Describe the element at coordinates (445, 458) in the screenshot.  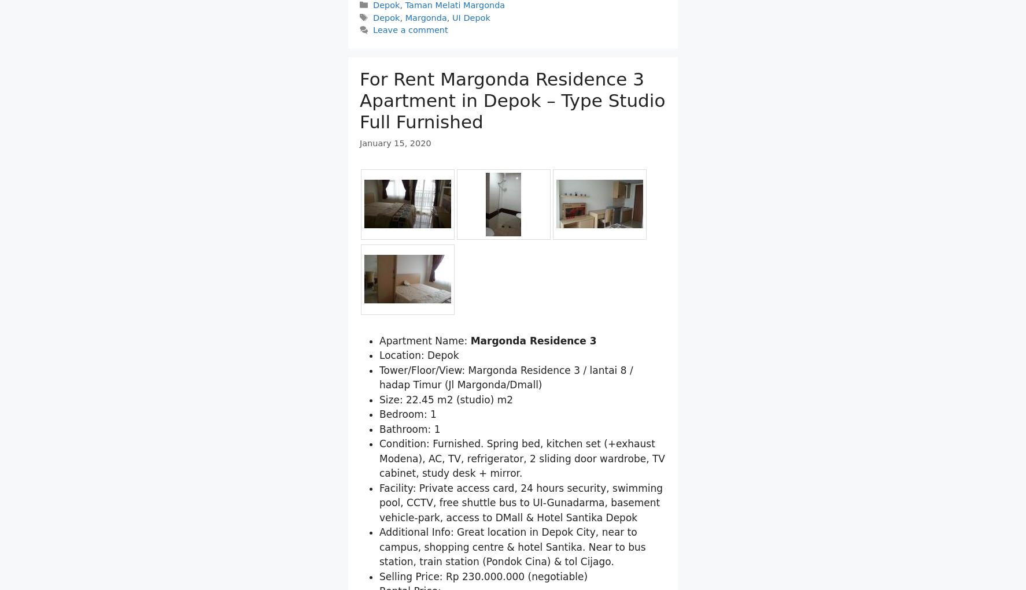
I see `'Size: 22.45 m2 (studio) m2'` at that location.